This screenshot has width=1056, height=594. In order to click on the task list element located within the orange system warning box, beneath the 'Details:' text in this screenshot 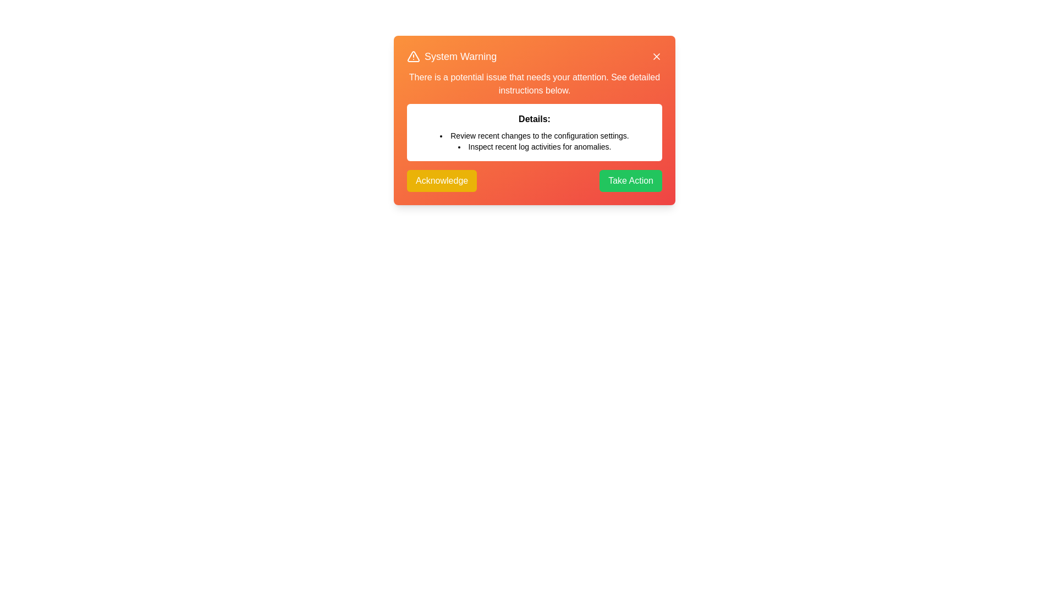, I will do `click(534, 141)`.